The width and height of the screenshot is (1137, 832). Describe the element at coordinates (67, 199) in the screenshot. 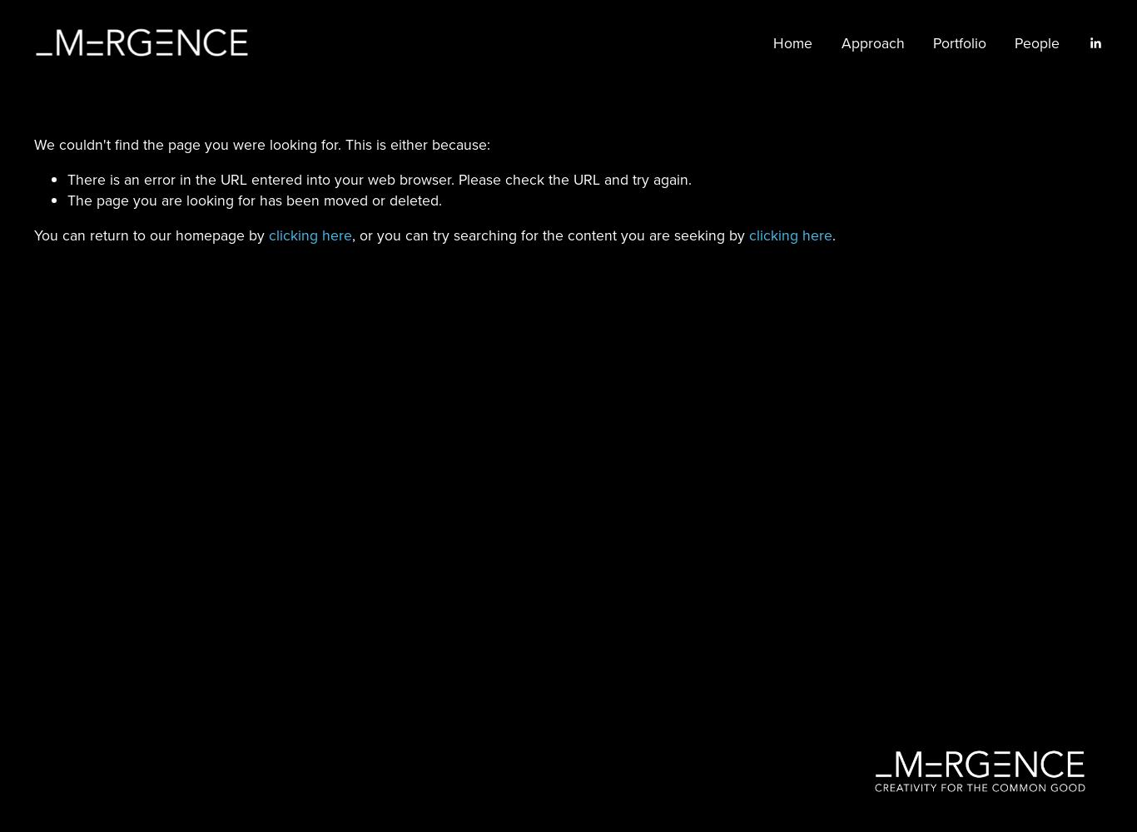

I see `'The page you are looking for has been moved or deleted.'` at that location.